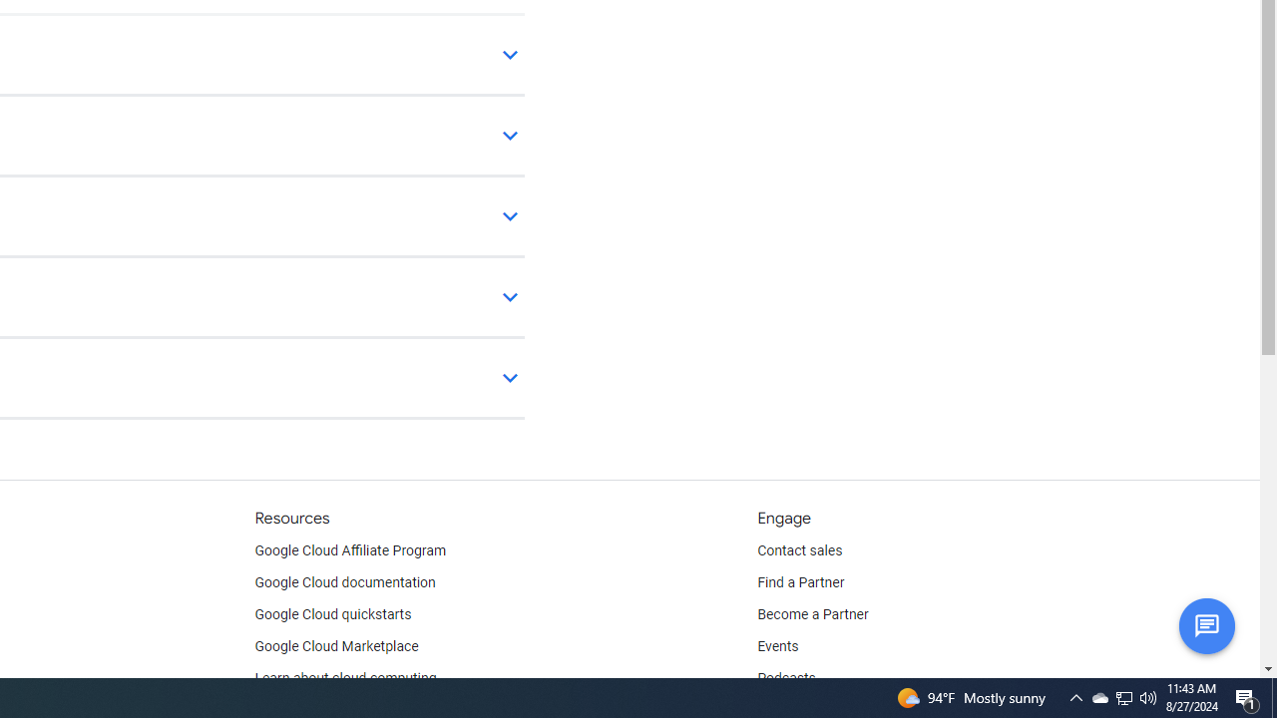 The image size is (1277, 718). Describe the element at coordinates (812, 614) in the screenshot. I see `'Become a Partner'` at that location.